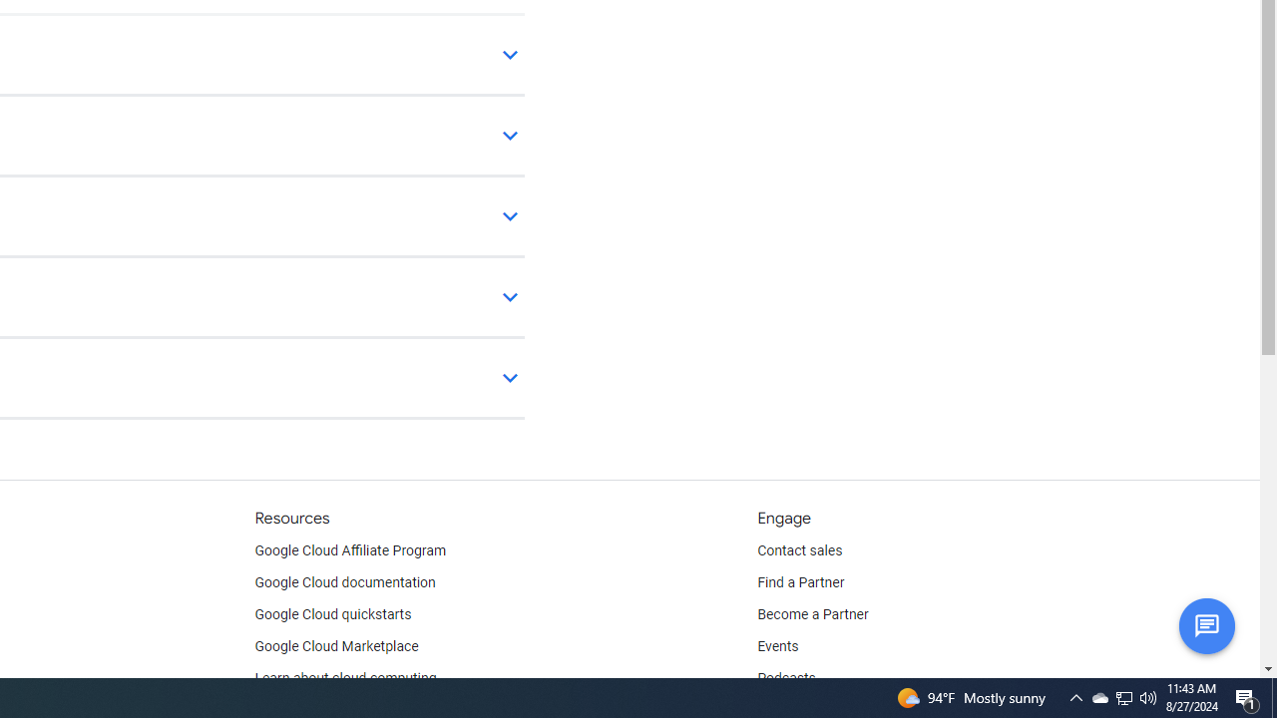 The image size is (1277, 718). Describe the element at coordinates (812, 614) in the screenshot. I see `'Become a Partner'` at that location.